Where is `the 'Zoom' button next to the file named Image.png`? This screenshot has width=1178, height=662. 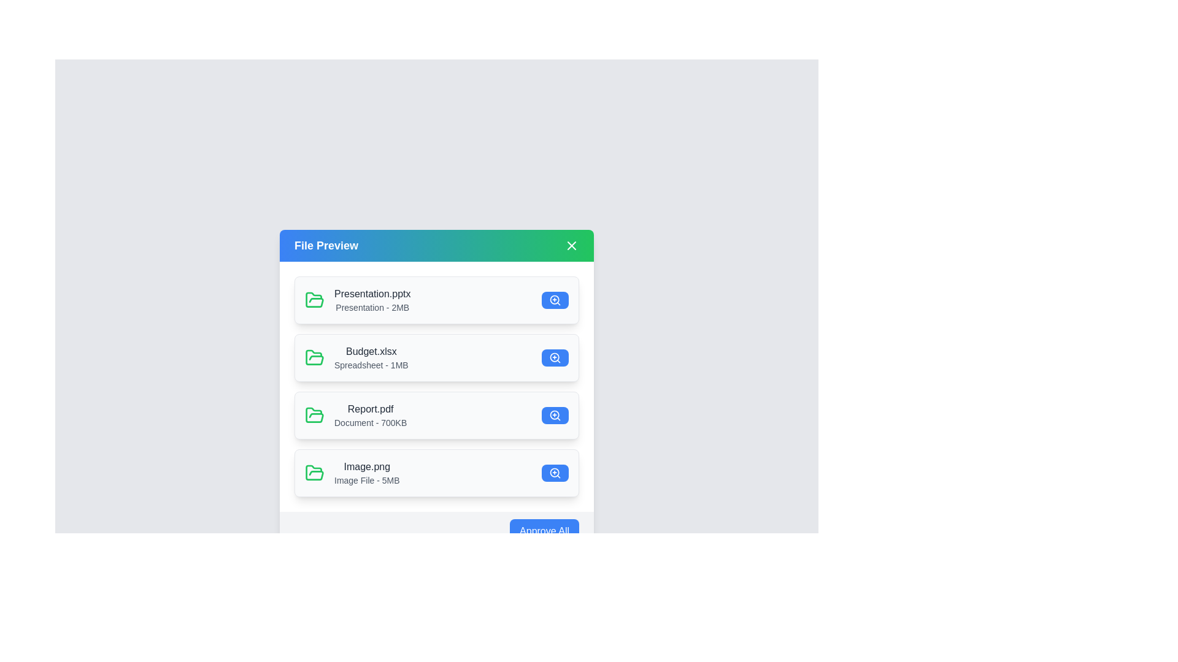
the 'Zoom' button next to the file named Image.png is located at coordinates (555, 472).